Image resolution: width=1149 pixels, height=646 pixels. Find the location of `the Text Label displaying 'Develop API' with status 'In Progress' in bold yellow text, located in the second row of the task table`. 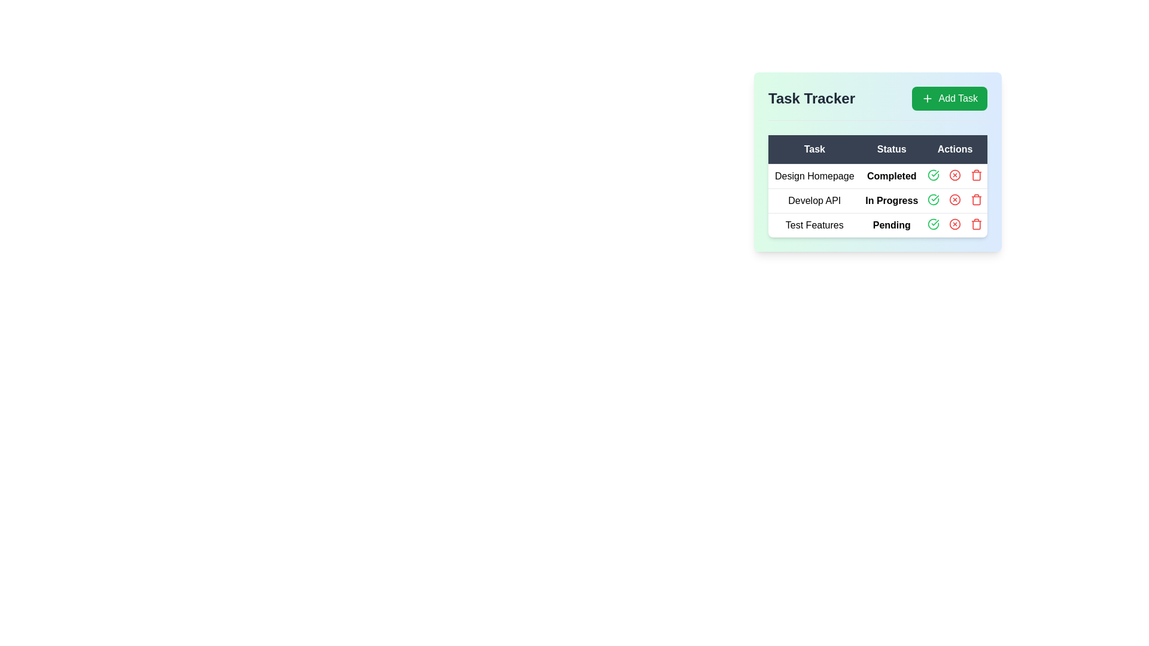

the Text Label displaying 'Develop API' with status 'In Progress' in bold yellow text, located in the second row of the task table is located at coordinates (878, 200).